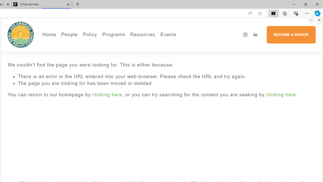 The width and height of the screenshot is (323, 182). Describe the element at coordinates (291, 34) in the screenshot. I see `'BECOME A DONOR'` at that location.